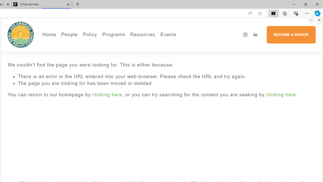 The width and height of the screenshot is (323, 182). Describe the element at coordinates (291, 34) in the screenshot. I see `'BECOME A DONOR'` at that location.